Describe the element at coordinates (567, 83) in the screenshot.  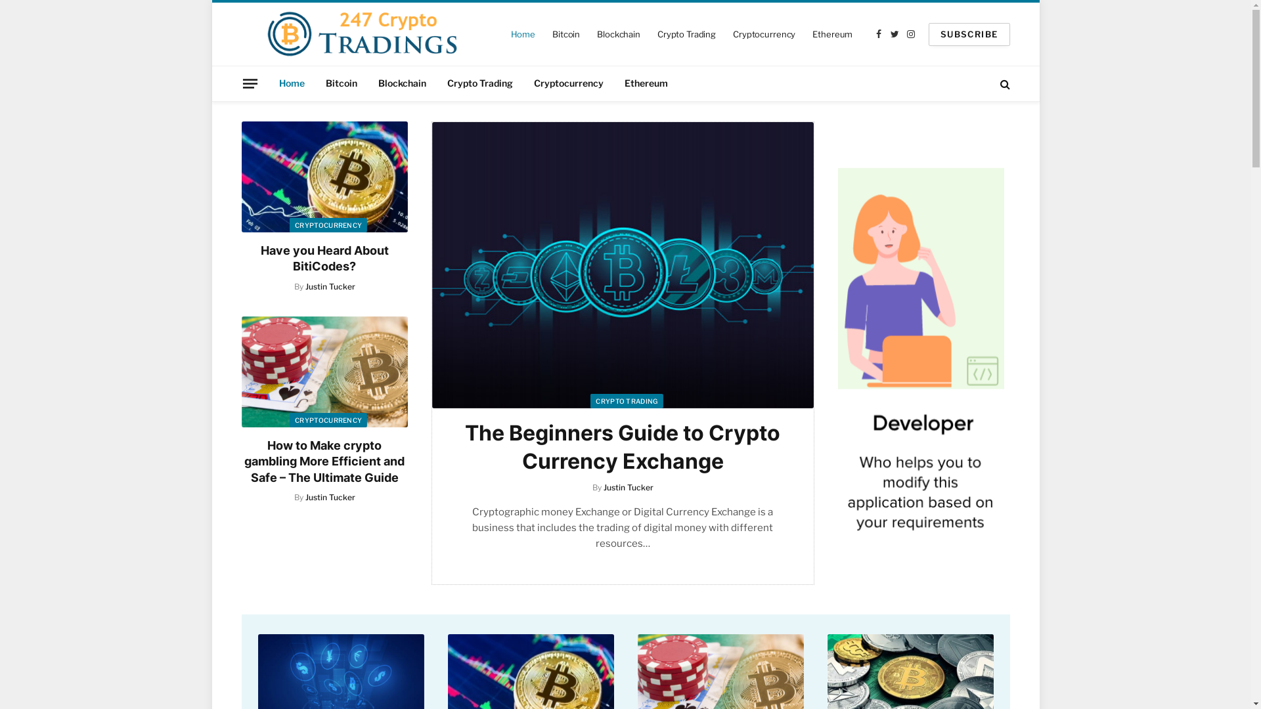
I see `'Cryptocurrency'` at that location.